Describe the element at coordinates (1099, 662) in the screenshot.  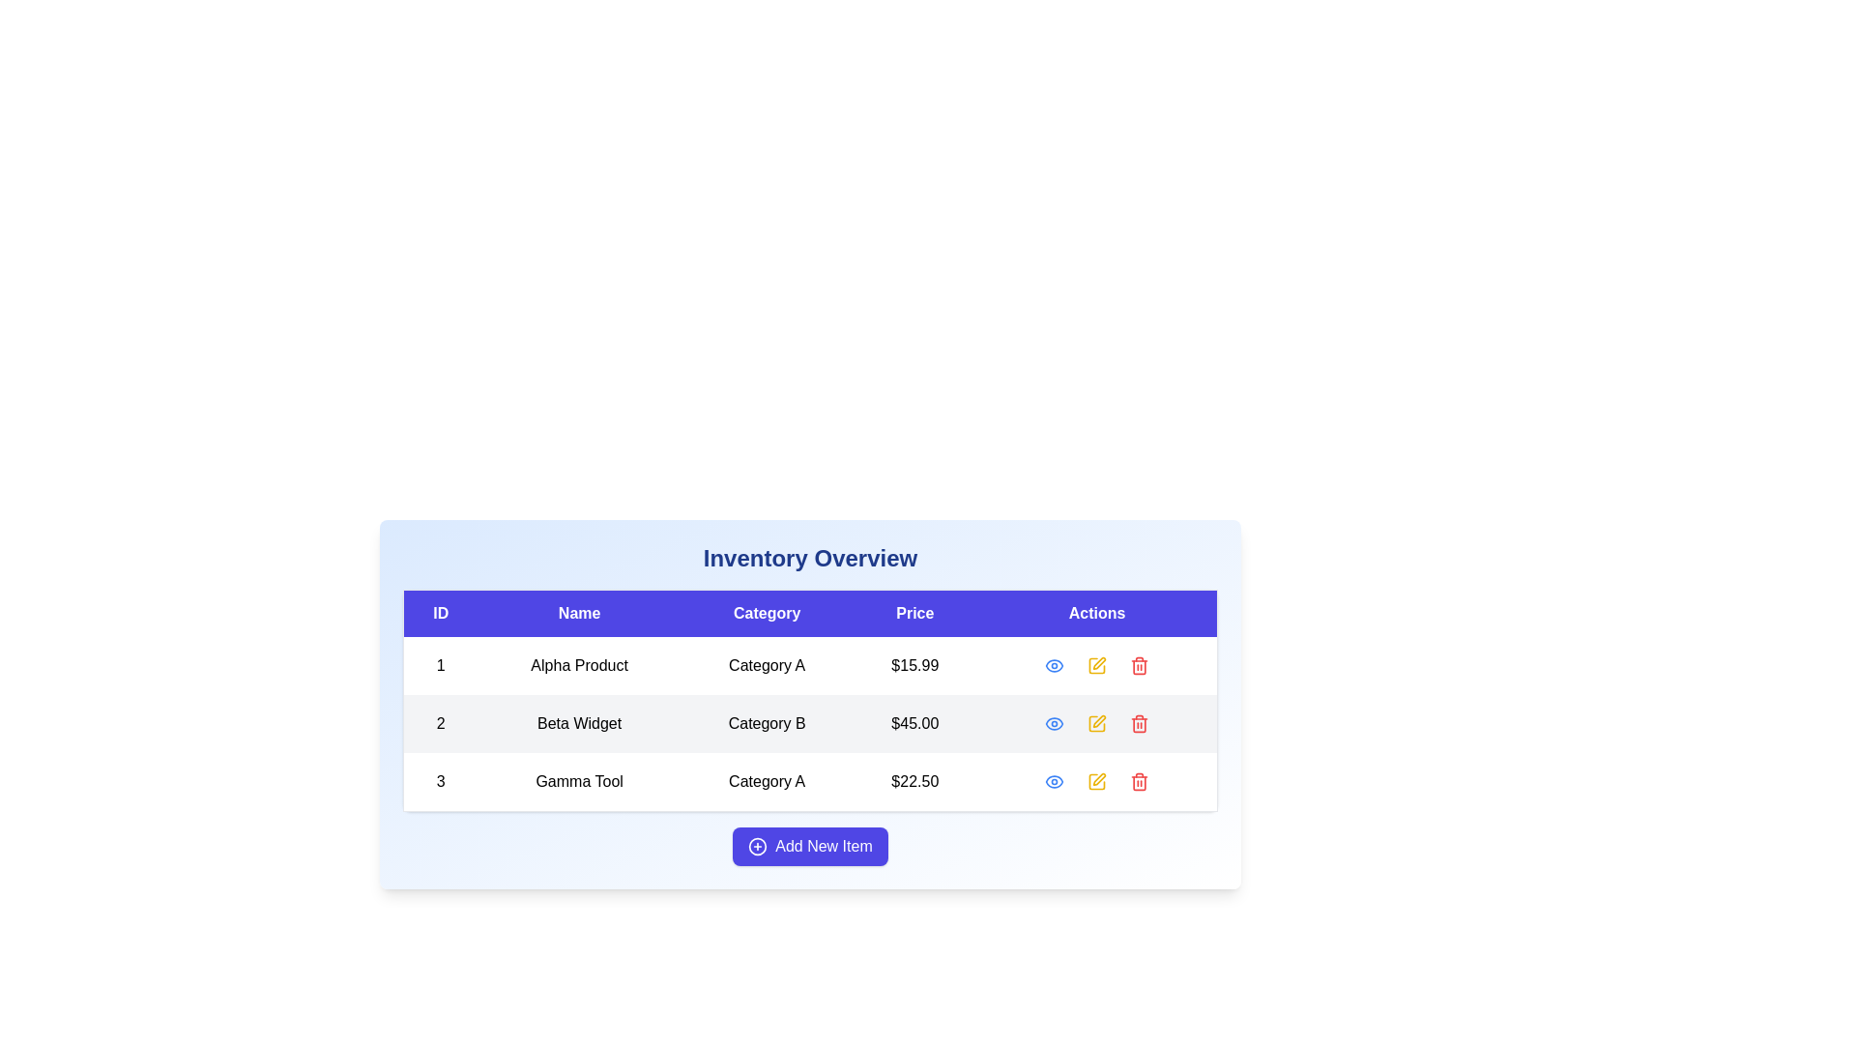
I see `the edit icon button located in the 'Actions' column of the table, specifically in the second row for the product 'Beta Widget'` at that location.